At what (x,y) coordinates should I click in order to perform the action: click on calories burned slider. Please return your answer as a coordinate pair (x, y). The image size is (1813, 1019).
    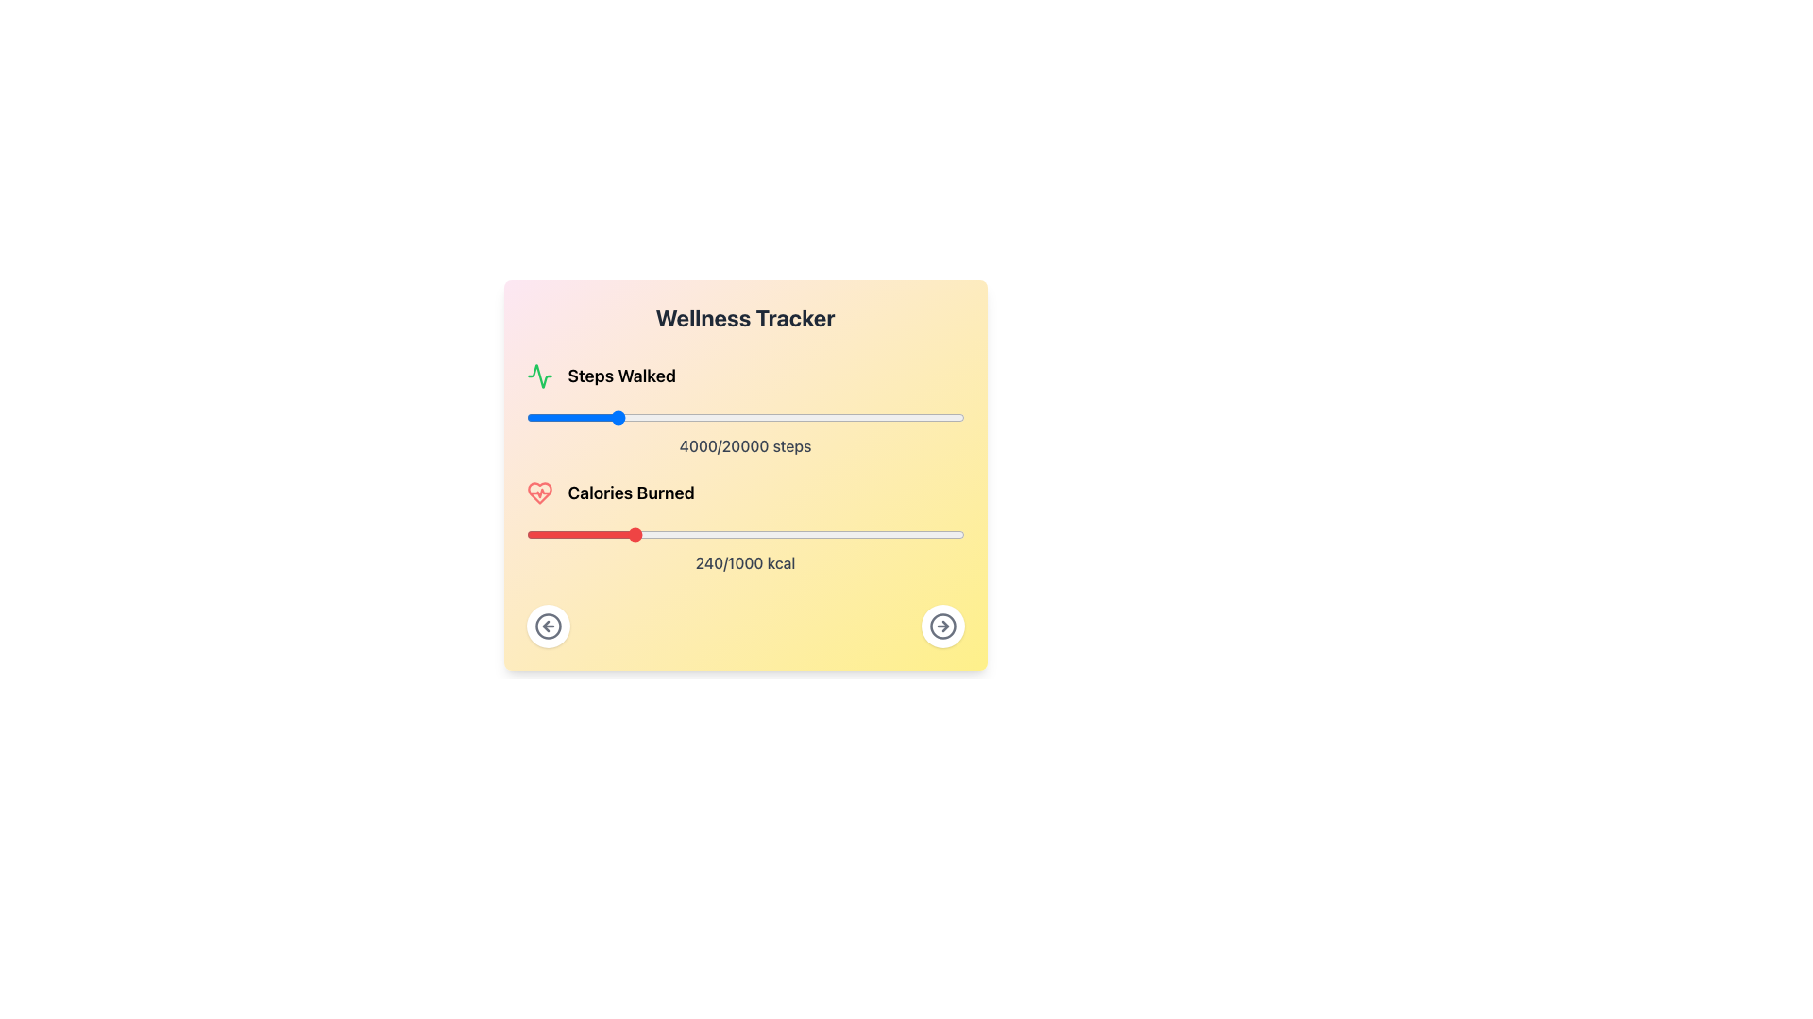
    Looking at the image, I should click on (709, 535).